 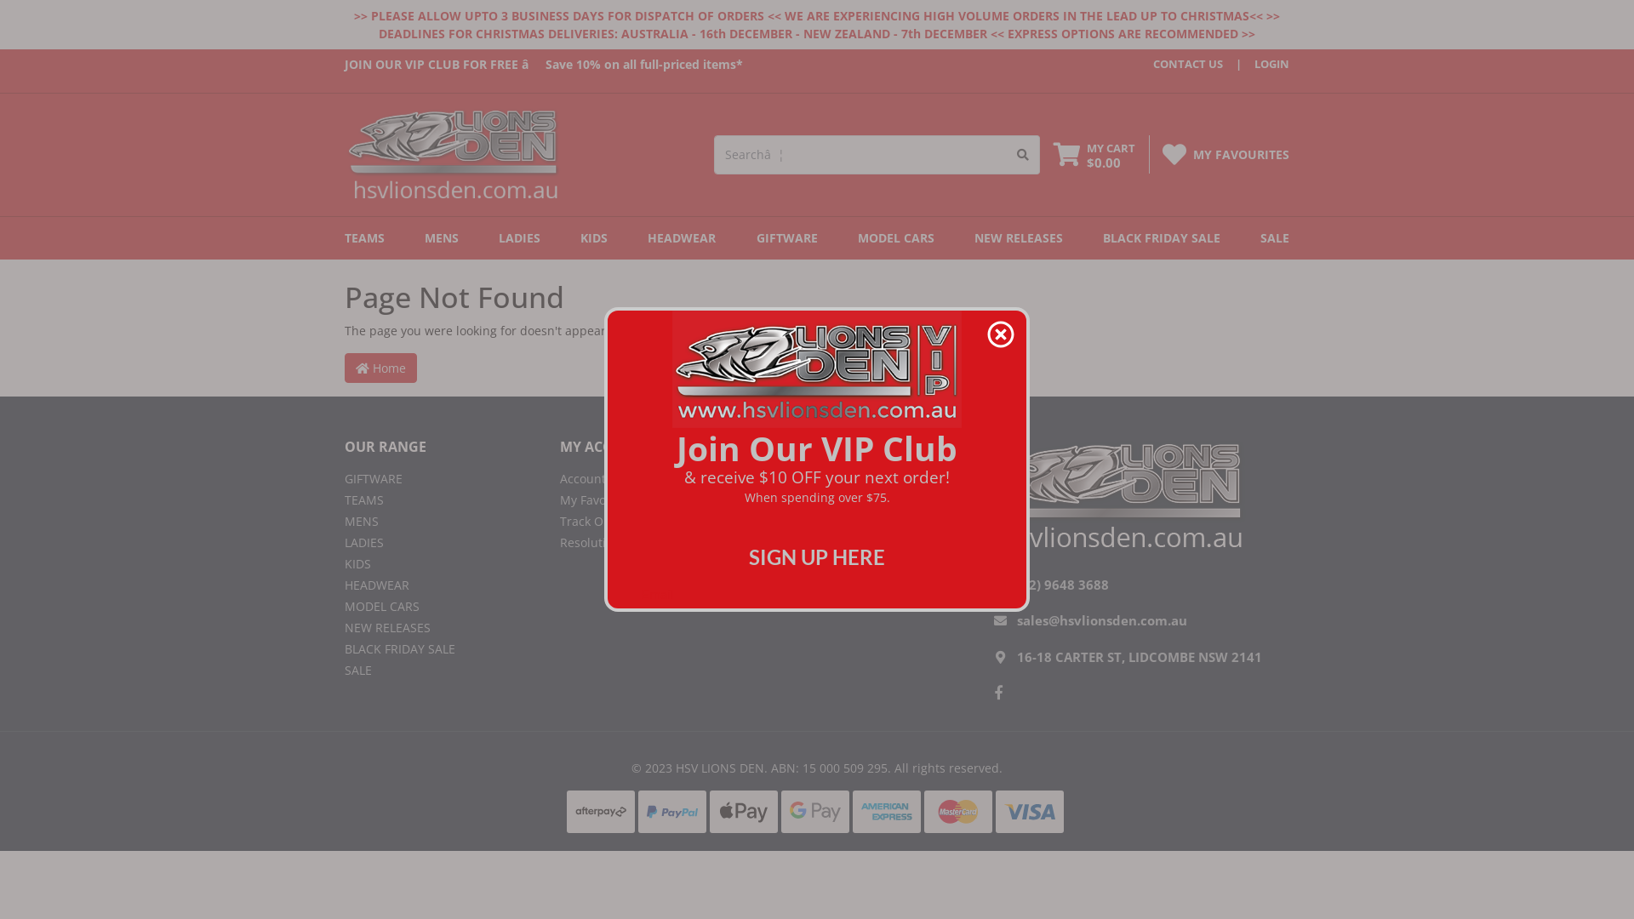 I want to click on 'HEADWEAR', so click(x=439, y=584).